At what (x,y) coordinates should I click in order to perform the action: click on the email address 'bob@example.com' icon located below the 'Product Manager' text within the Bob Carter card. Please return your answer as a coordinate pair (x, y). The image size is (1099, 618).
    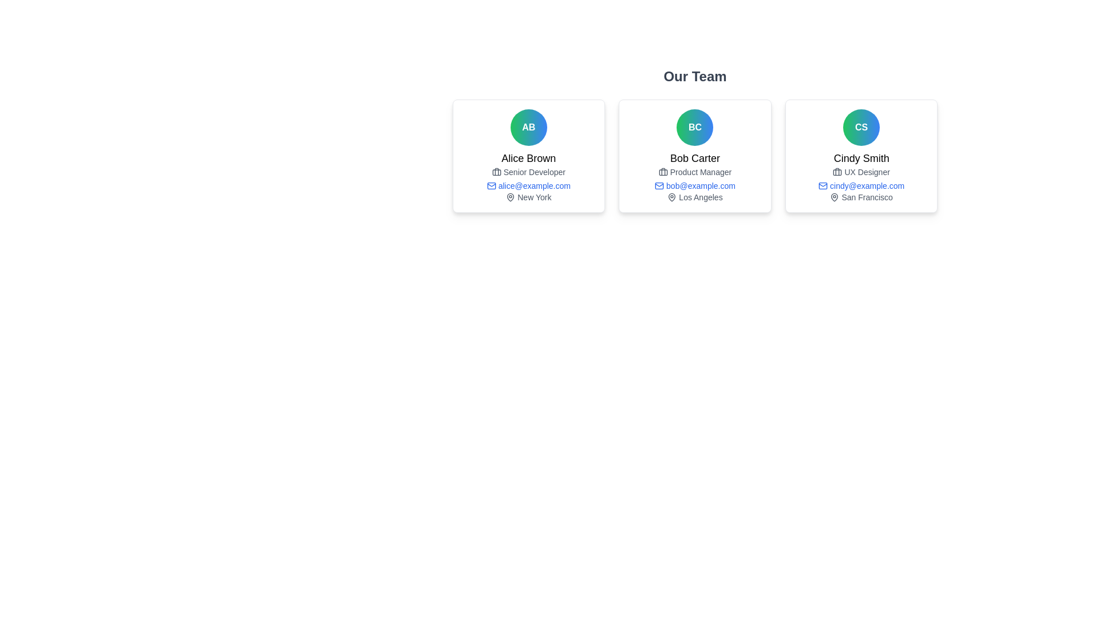
    Looking at the image, I should click on (694, 185).